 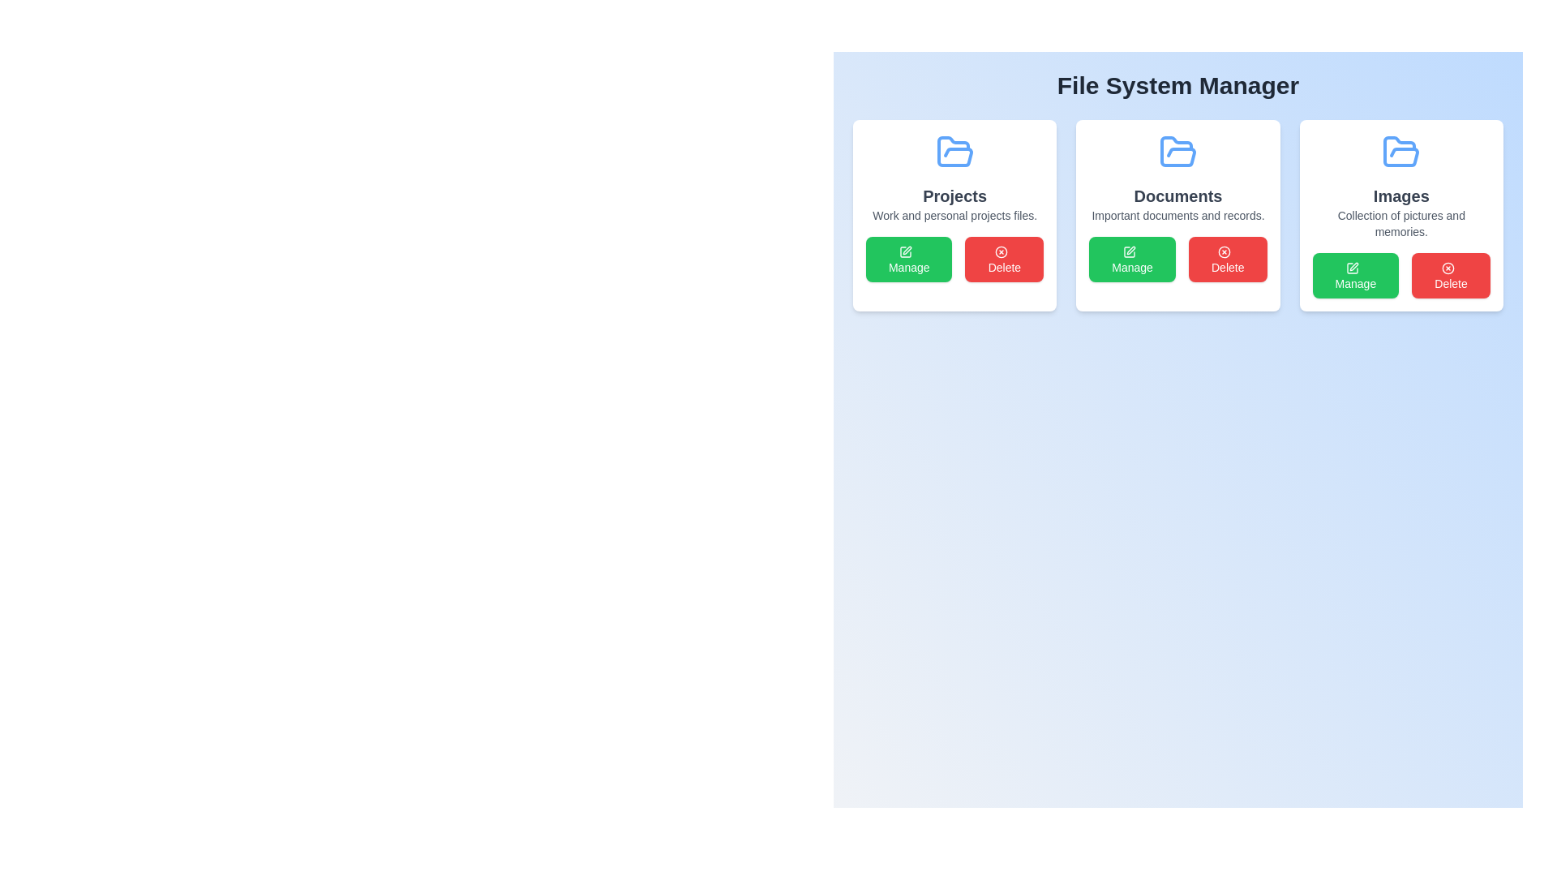 I want to click on the green 'Manage' button with a pen icon on the left, located beneath the 'Documents' section, so click(x=1131, y=259).